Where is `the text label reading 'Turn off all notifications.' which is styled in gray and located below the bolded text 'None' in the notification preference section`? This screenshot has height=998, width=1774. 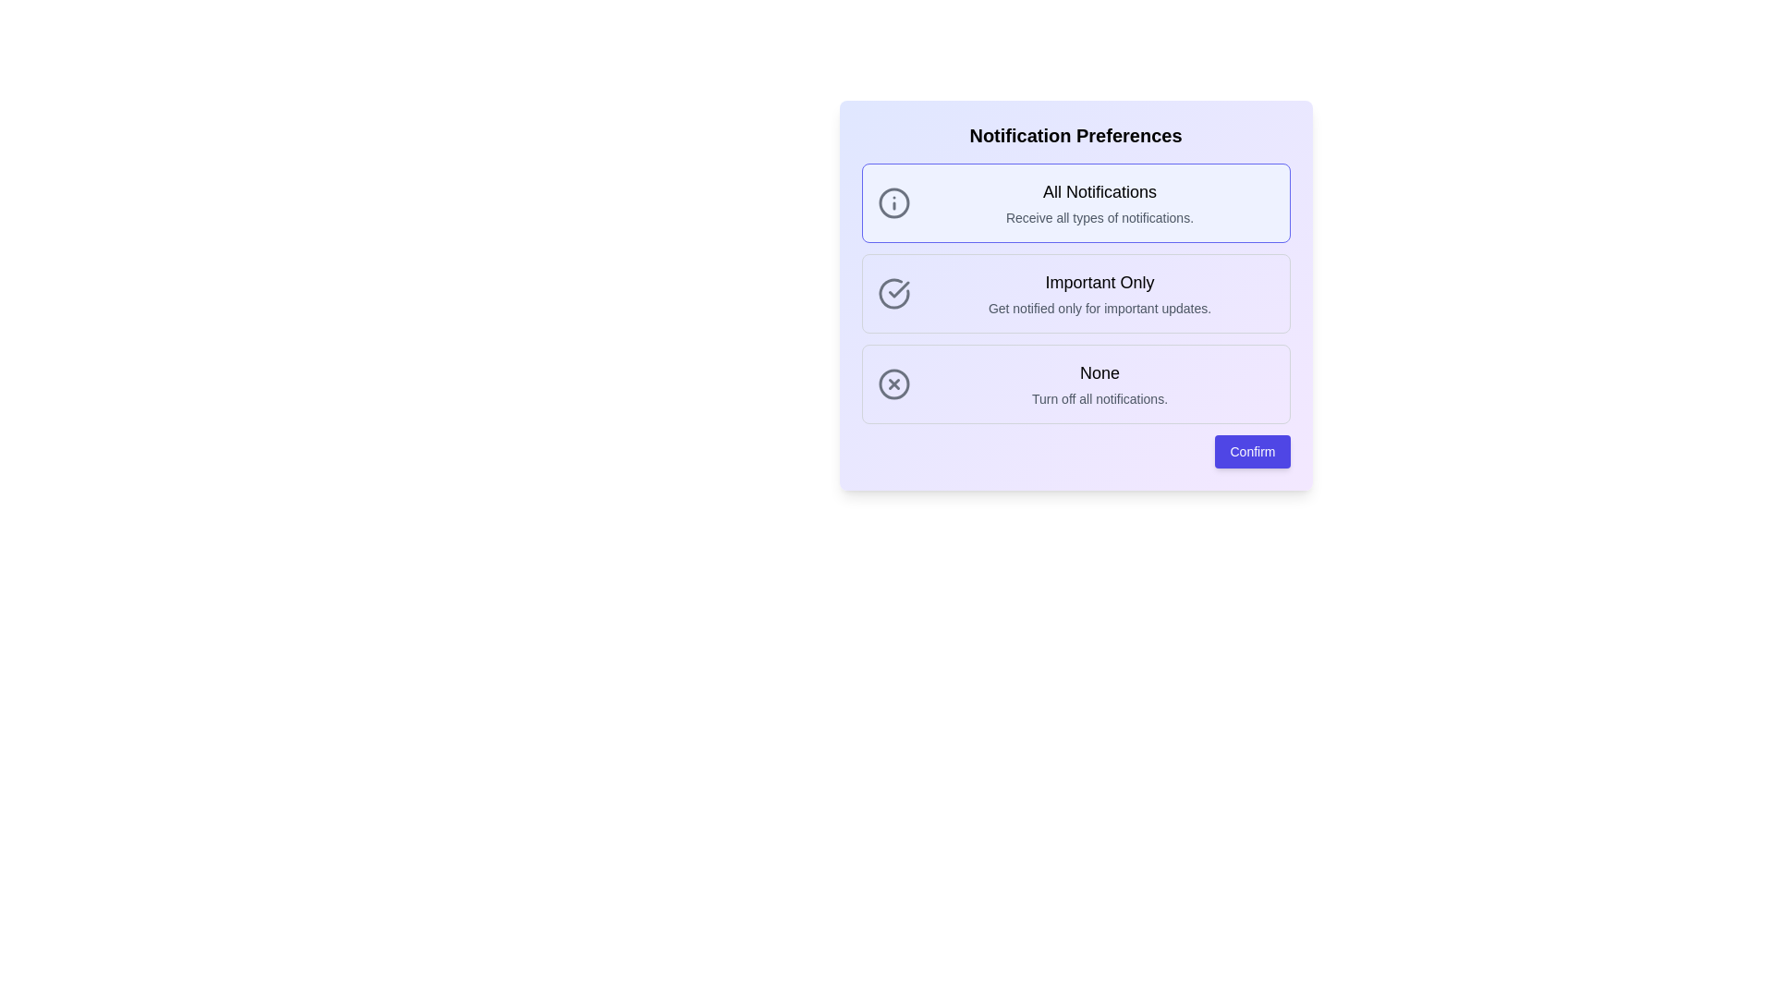
the text label reading 'Turn off all notifications.' which is styled in gray and located below the bolded text 'None' in the notification preference section is located at coordinates (1100, 398).